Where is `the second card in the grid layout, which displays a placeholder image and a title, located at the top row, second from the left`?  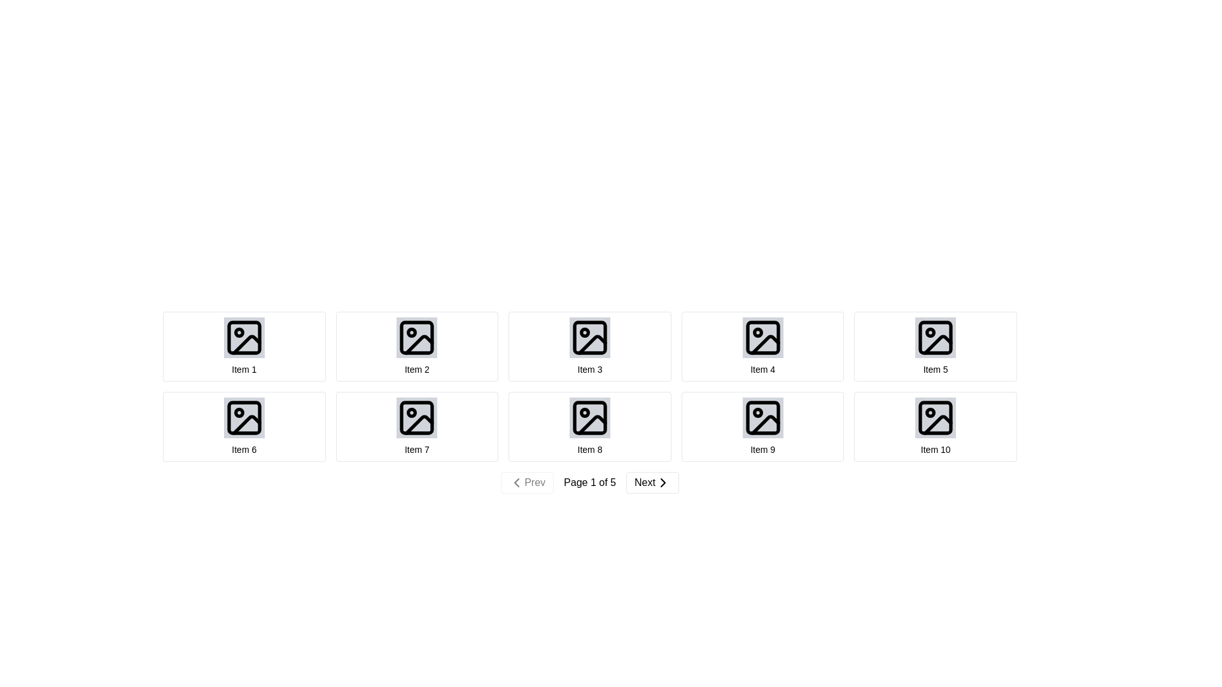
the second card in the grid layout, which displays a placeholder image and a title, located at the top row, second from the left is located at coordinates (417, 346).